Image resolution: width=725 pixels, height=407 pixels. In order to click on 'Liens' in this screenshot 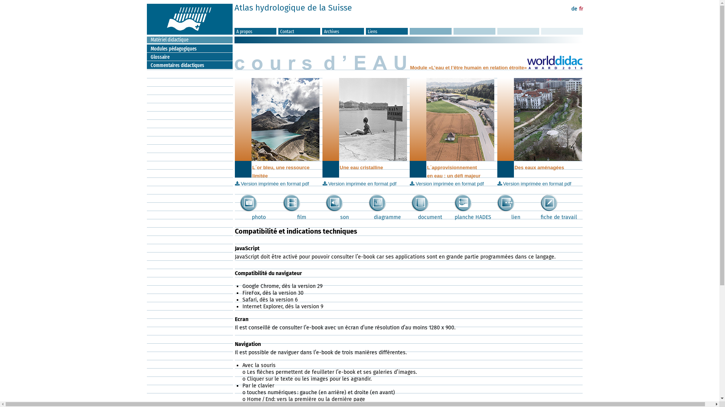, I will do `click(387, 31)`.